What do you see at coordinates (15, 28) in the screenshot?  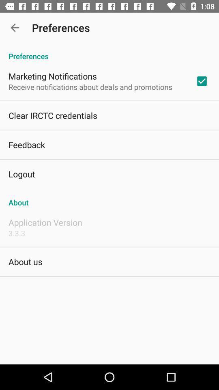 I see `app next to the preferences app` at bounding box center [15, 28].